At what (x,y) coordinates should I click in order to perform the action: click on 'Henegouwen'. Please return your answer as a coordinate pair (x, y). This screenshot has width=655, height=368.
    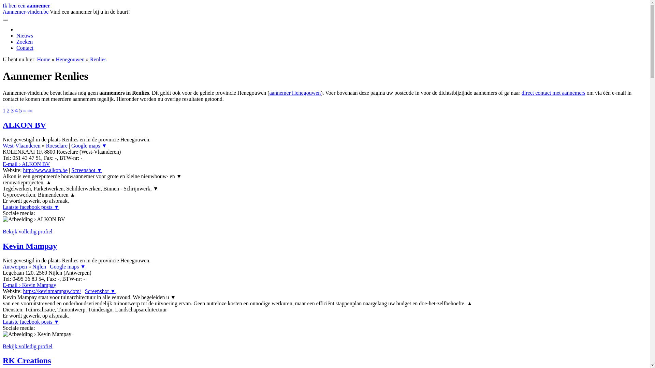
    Looking at the image, I should click on (70, 59).